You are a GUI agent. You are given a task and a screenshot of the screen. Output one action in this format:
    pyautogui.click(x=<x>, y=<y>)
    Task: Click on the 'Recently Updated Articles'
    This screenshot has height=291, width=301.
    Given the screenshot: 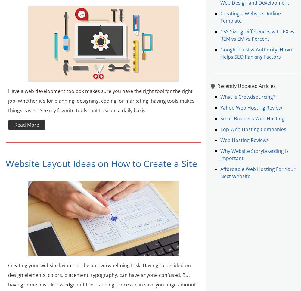 What is the action you would take?
    pyautogui.click(x=246, y=86)
    